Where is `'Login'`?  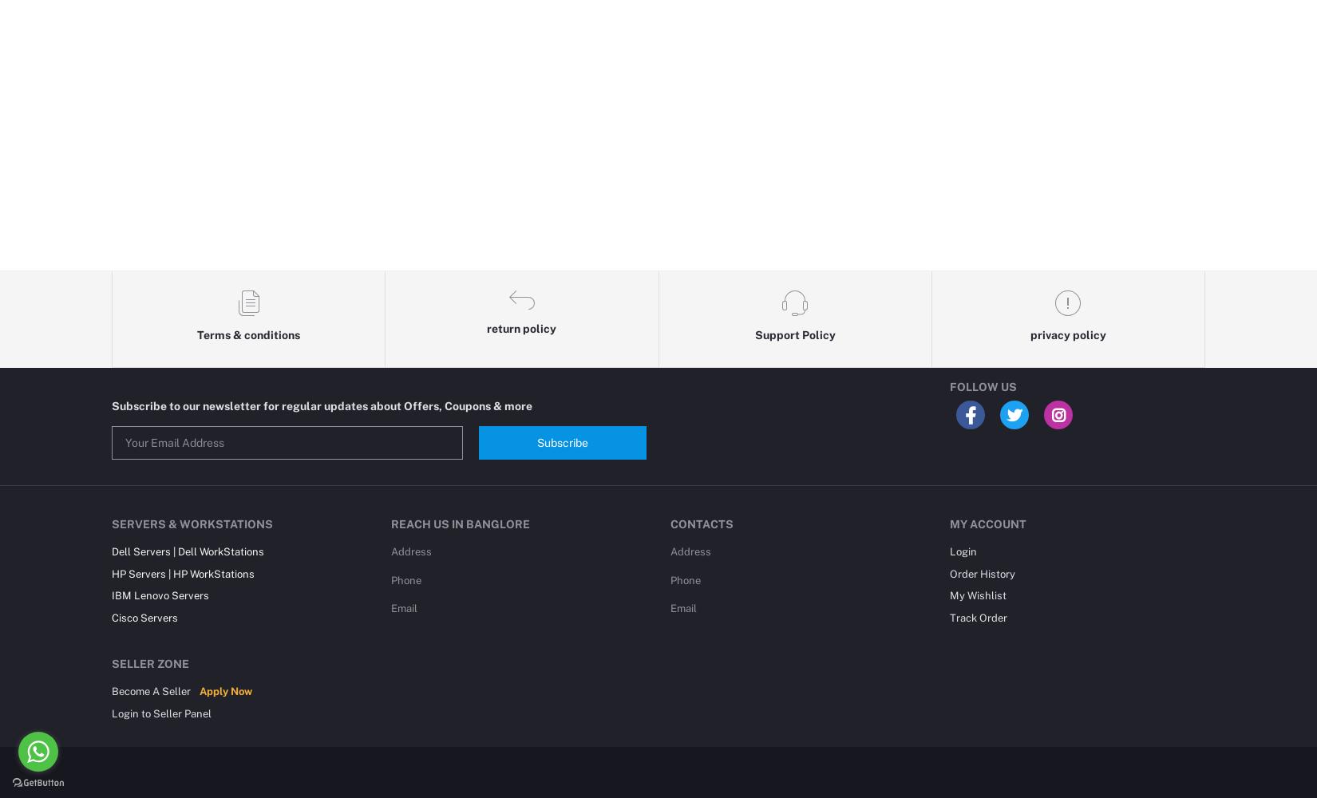
'Login' is located at coordinates (963, 551).